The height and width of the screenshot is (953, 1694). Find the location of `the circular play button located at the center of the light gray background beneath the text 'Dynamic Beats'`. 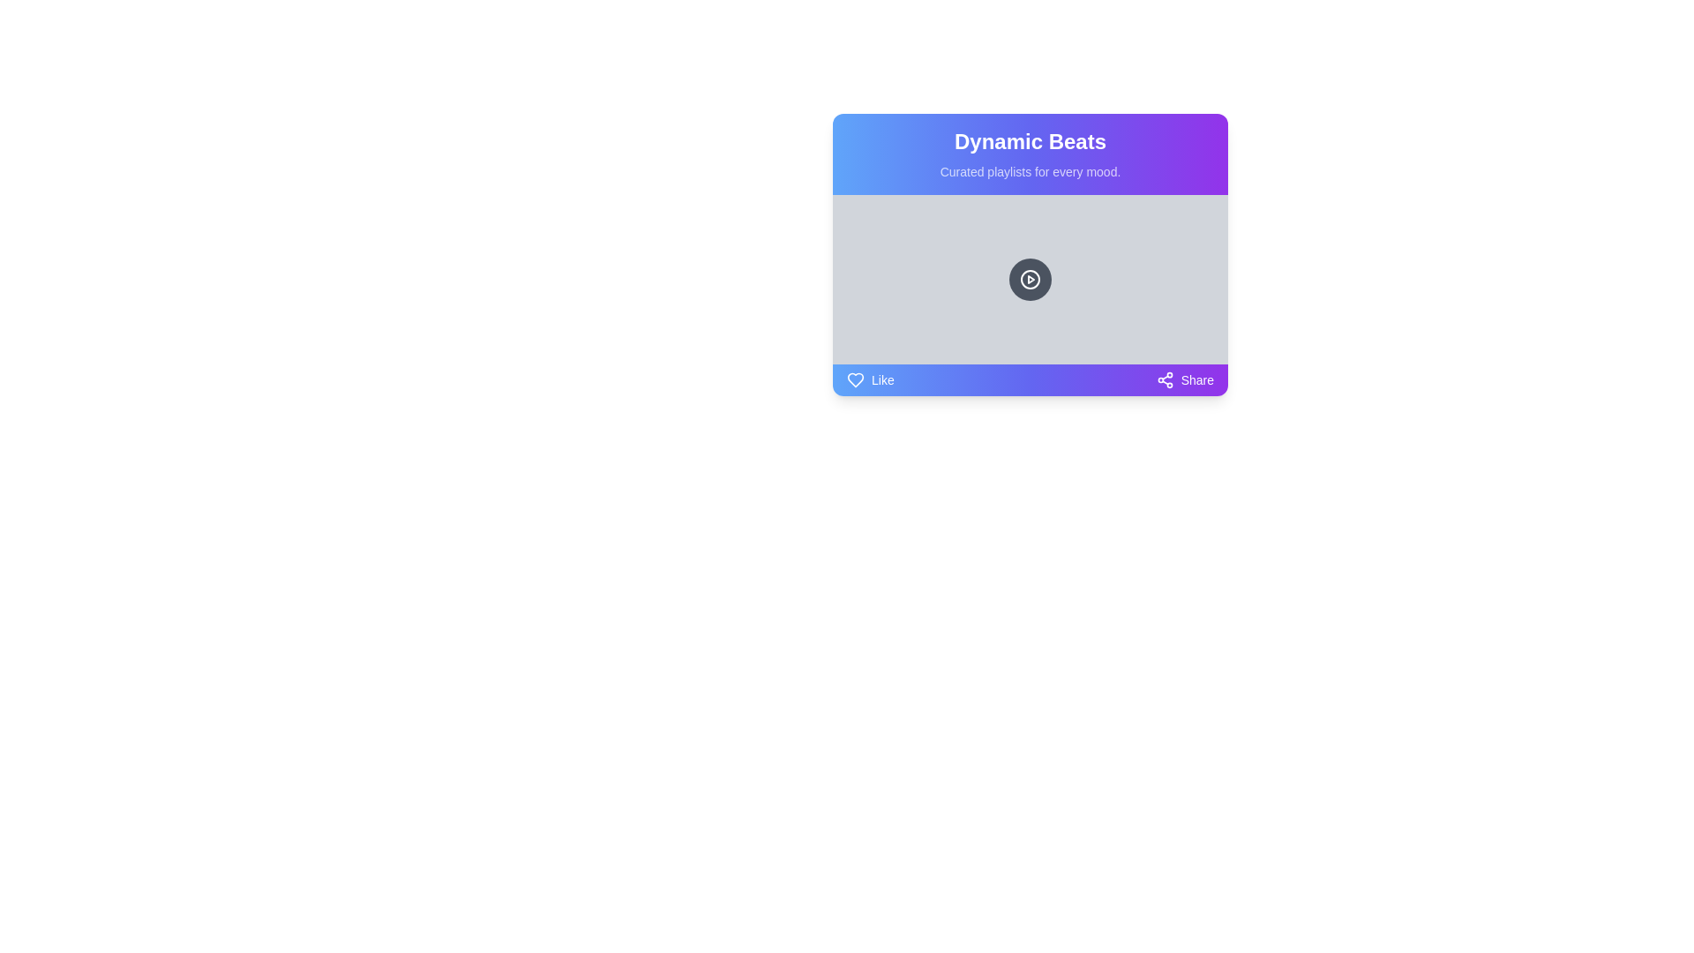

the circular play button located at the center of the light gray background beneath the text 'Dynamic Beats' is located at coordinates (1030, 278).